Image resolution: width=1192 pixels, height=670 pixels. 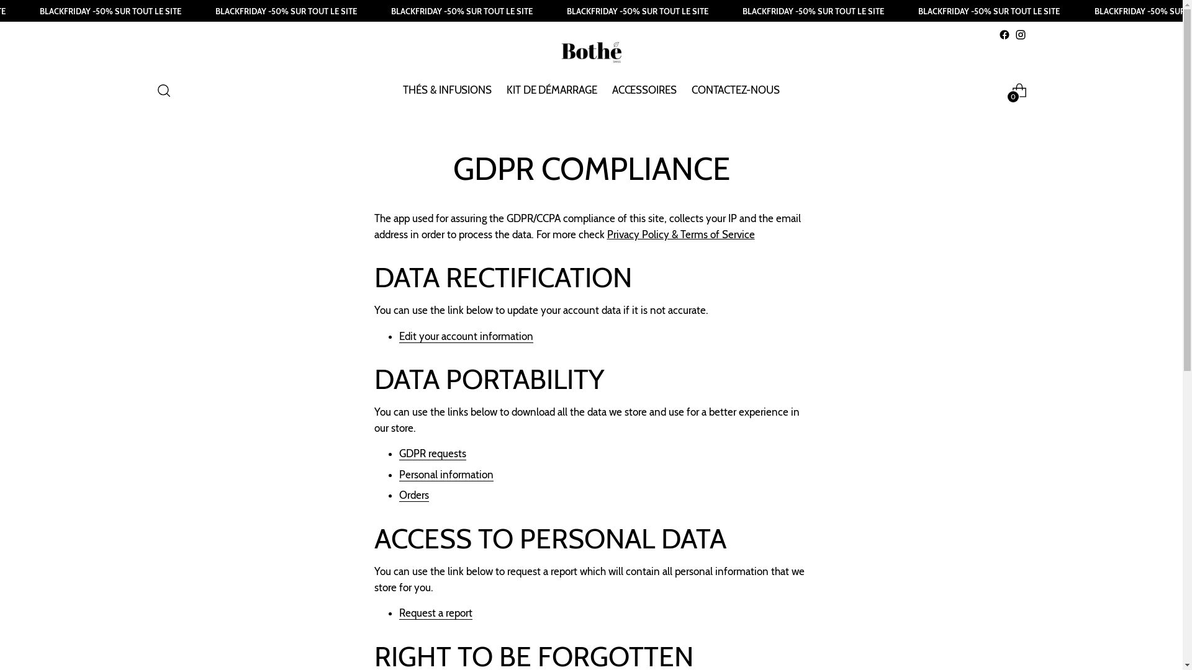 I want to click on 'ACCESSOIRES', so click(x=612, y=90).